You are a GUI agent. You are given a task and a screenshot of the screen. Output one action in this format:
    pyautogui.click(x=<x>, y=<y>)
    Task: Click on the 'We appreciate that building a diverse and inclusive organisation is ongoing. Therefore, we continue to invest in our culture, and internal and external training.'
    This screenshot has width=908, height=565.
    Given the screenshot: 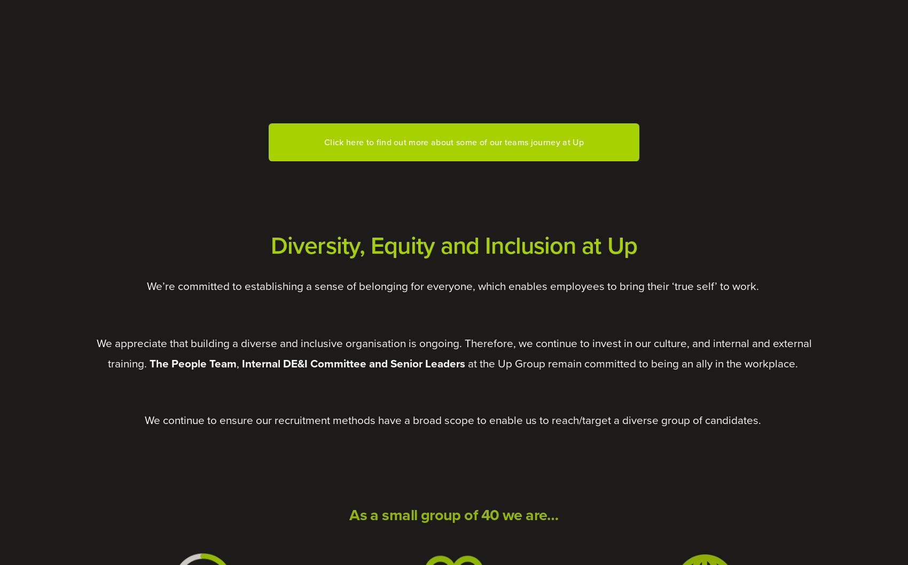 What is the action you would take?
    pyautogui.click(x=455, y=352)
    